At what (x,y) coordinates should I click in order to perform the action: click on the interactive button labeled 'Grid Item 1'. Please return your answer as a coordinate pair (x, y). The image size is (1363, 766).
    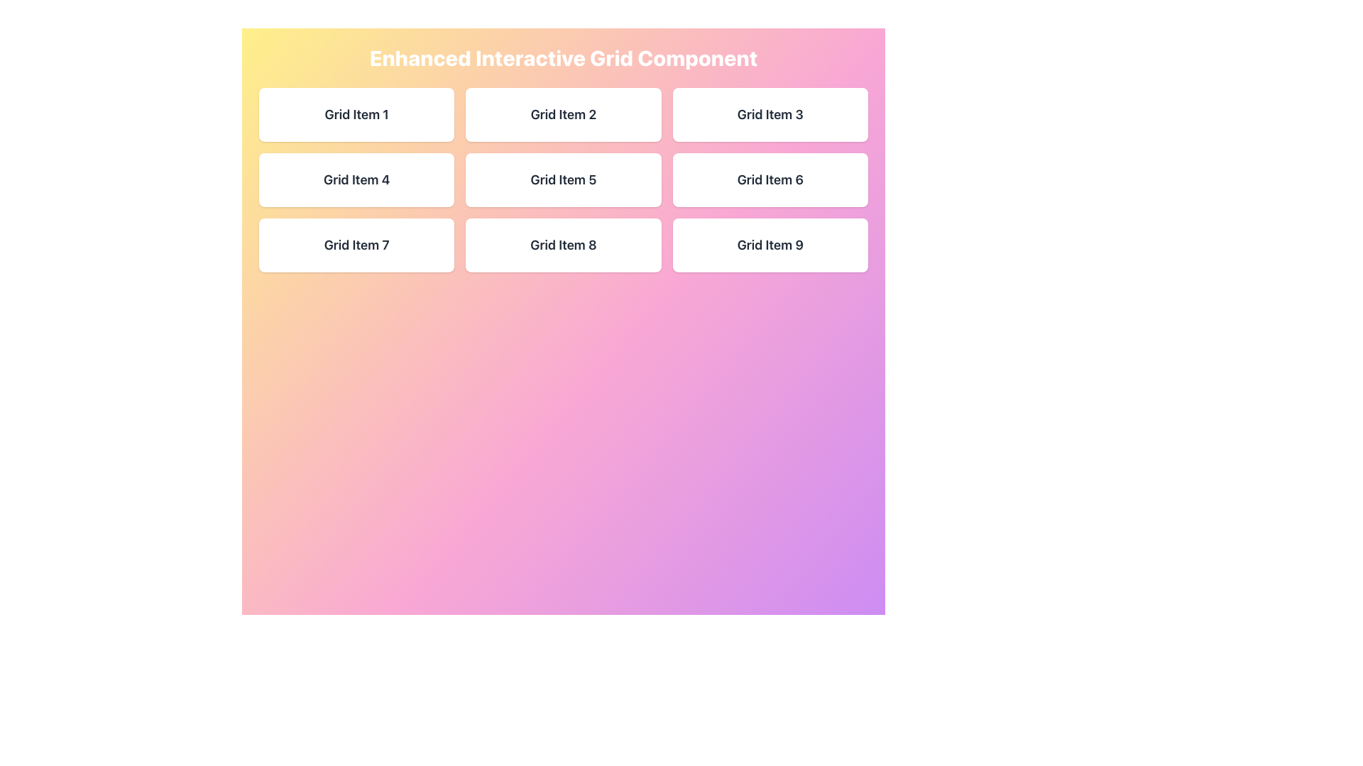
    Looking at the image, I should click on (356, 114).